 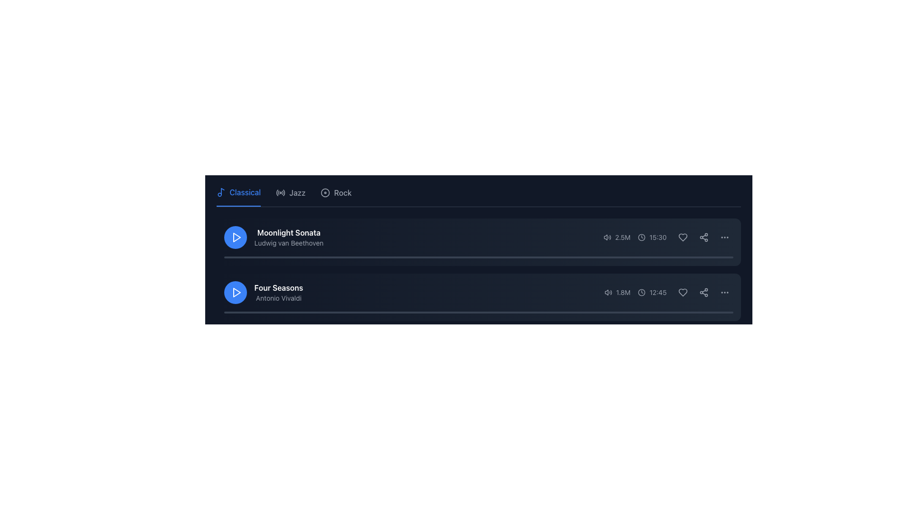 I want to click on the text display element that shows '2.5M', which is styled in a small font size and located to the right of the volume icon in the card for 'Moonlight Sonata', so click(x=623, y=237).